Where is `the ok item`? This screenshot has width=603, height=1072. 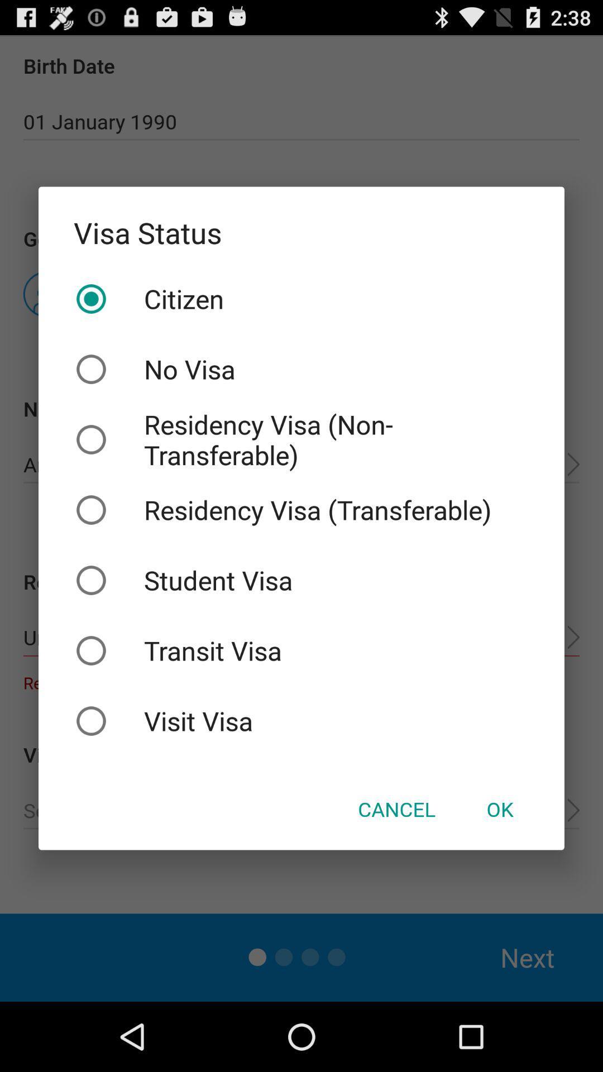 the ok item is located at coordinates (499, 809).